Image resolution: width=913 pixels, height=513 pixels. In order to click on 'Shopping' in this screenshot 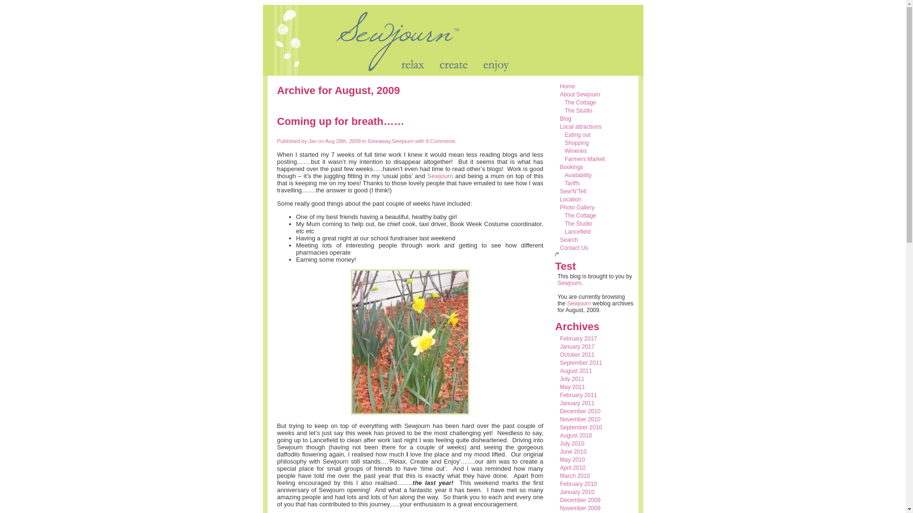, I will do `click(576, 142)`.